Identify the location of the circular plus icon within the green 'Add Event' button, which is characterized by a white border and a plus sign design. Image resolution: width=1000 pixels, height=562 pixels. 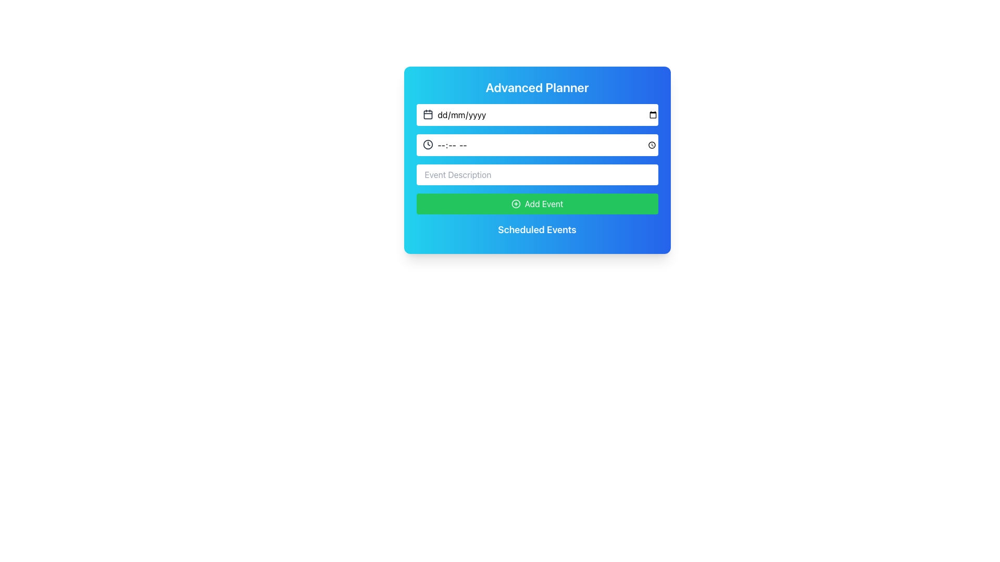
(516, 204).